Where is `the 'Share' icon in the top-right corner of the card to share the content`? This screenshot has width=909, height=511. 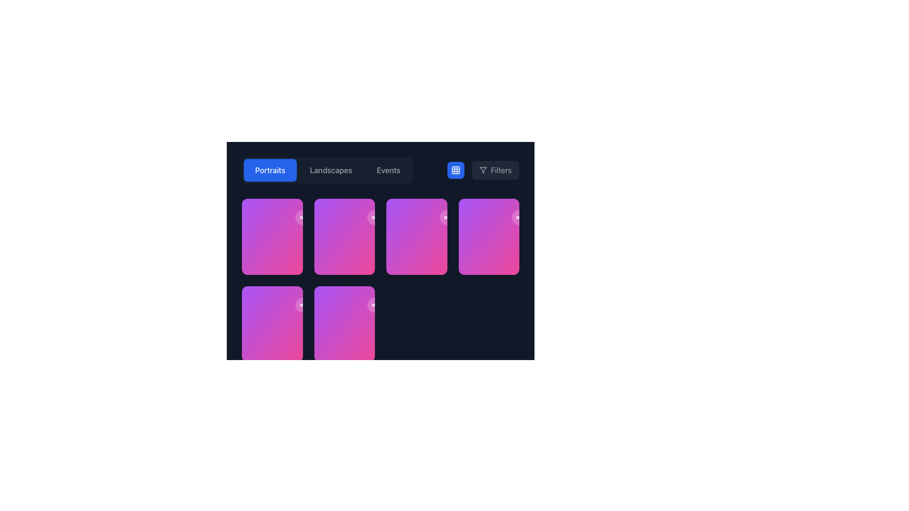 the 'Share' icon in the top-right corner of the card to share the content is located at coordinates (382, 215).